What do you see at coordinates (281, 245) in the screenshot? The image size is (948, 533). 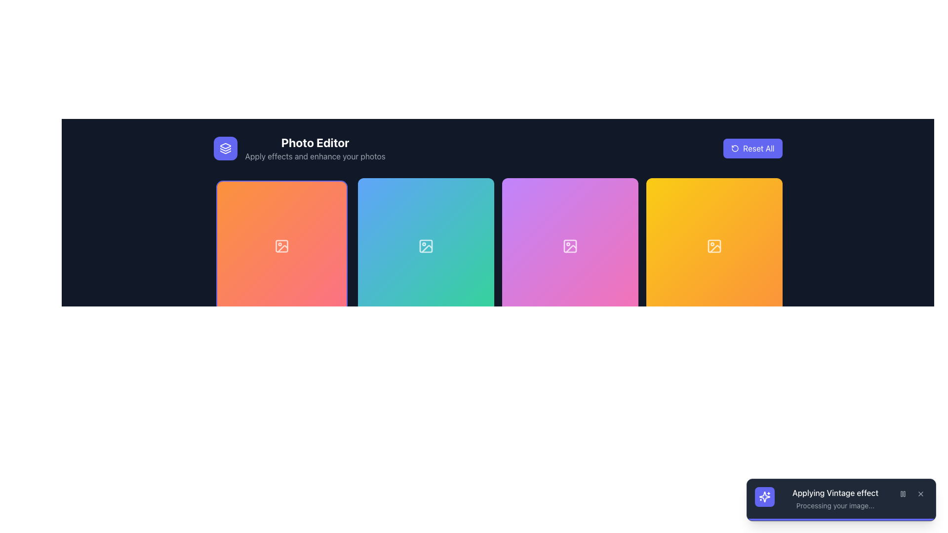 I see `the first square card with rounded corners featuring a gradient background from orange to pink, which contains an image placeholder icon` at bounding box center [281, 245].